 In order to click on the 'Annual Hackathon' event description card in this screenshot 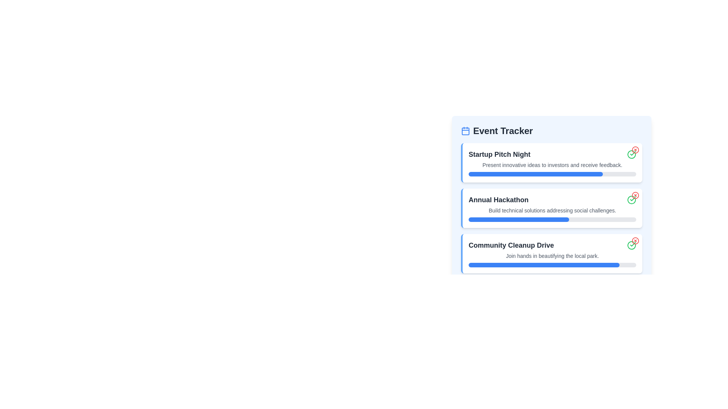, I will do `click(551, 190)`.